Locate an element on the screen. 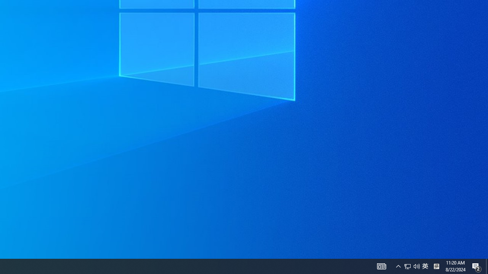 This screenshot has width=488, height=274. 'Q2790: 100%' is located at coordinates (407, 266).